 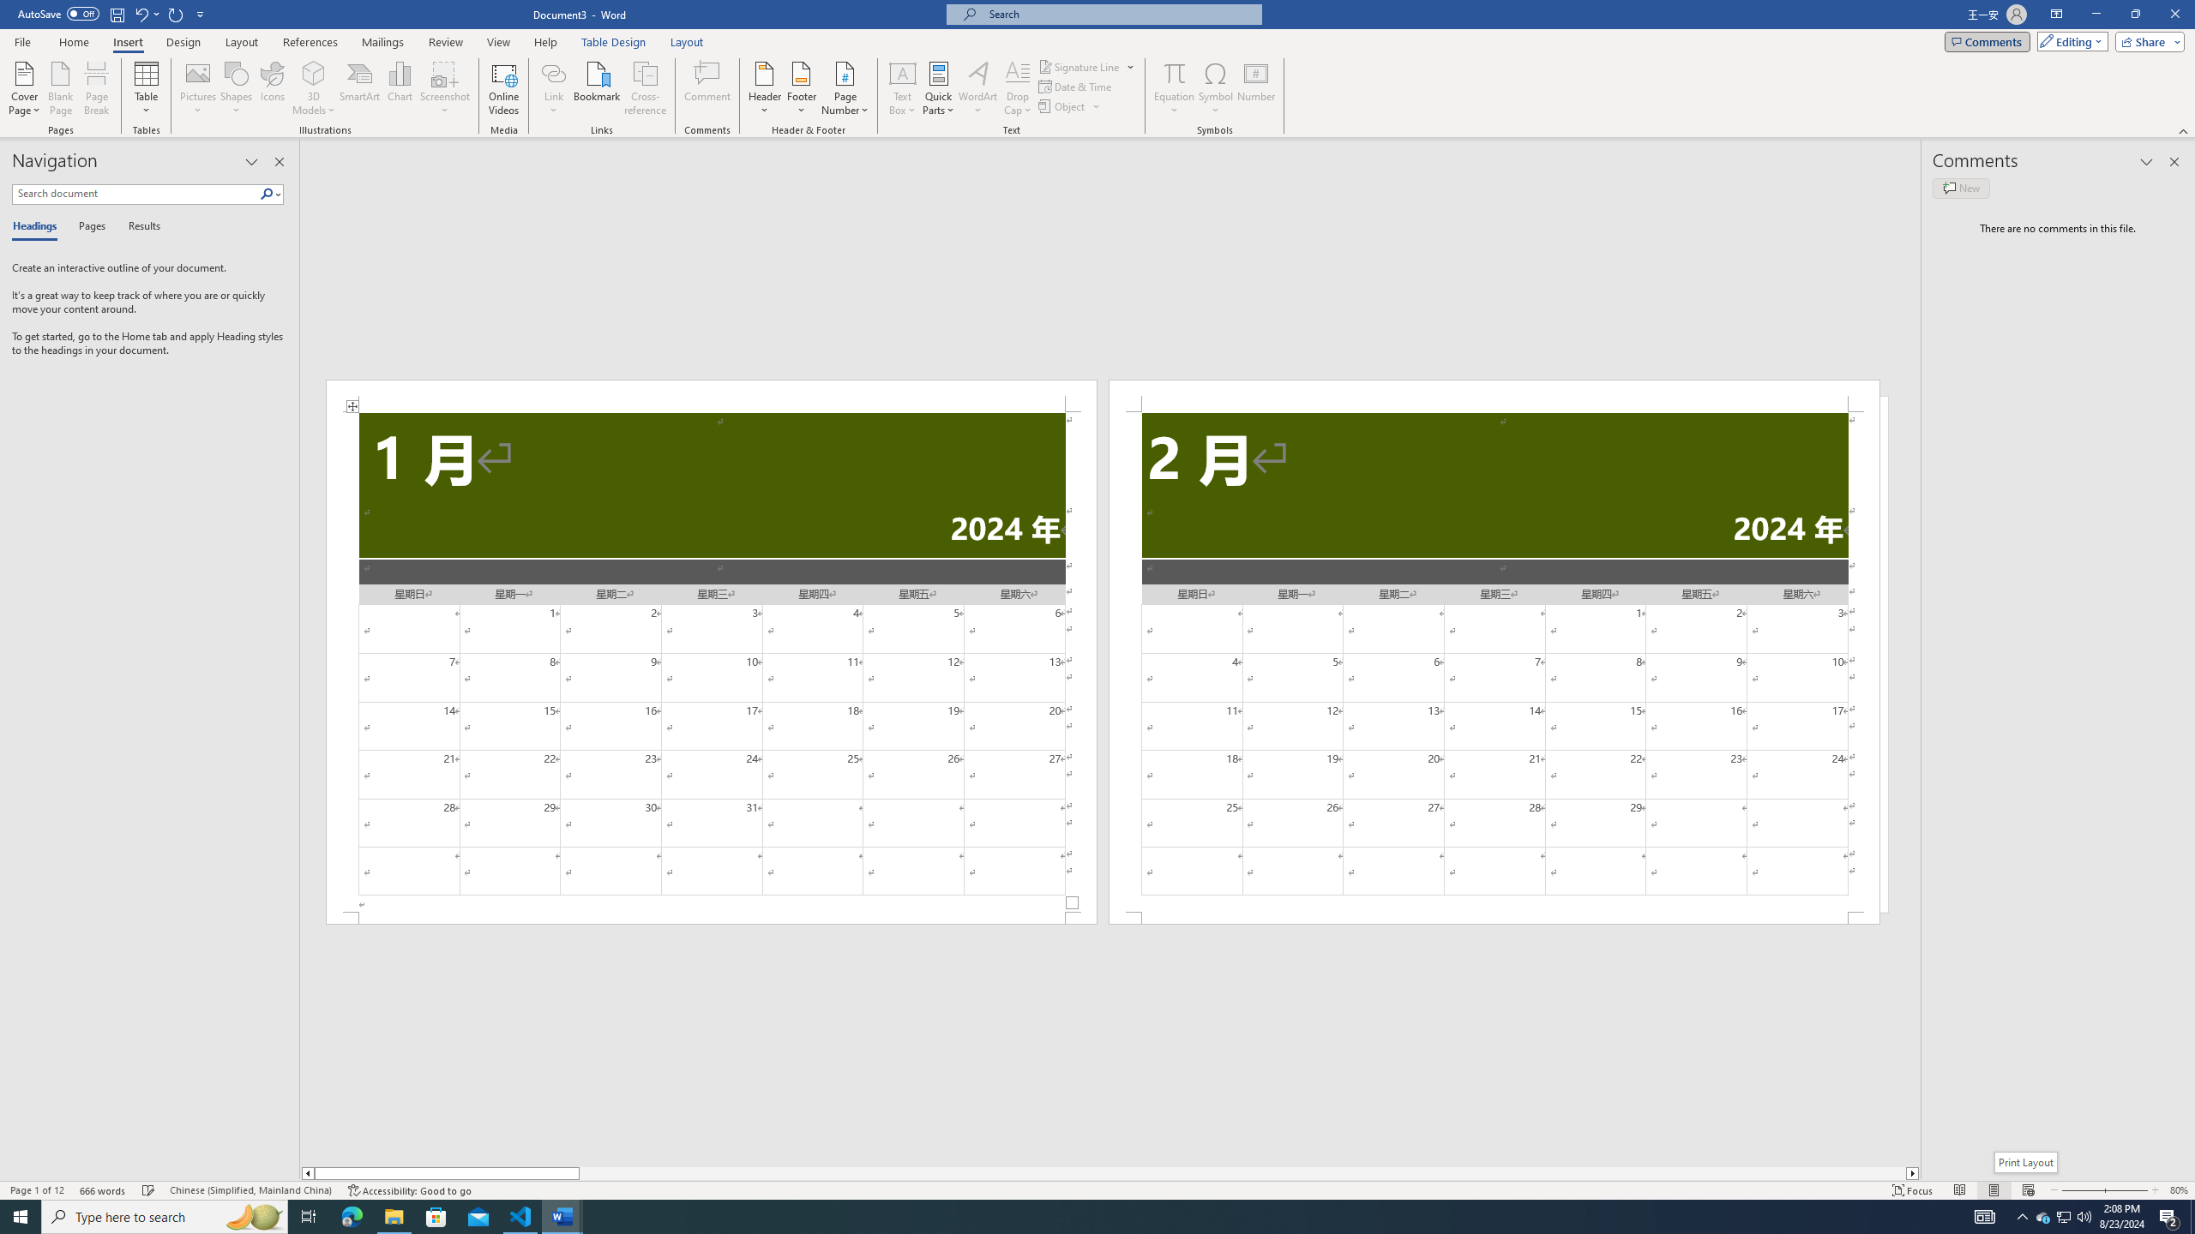 What do you see at coordinates (146, 13) in the screenshot?
I see `'Undo Increase Indent'` at bounding box center [146, 13].